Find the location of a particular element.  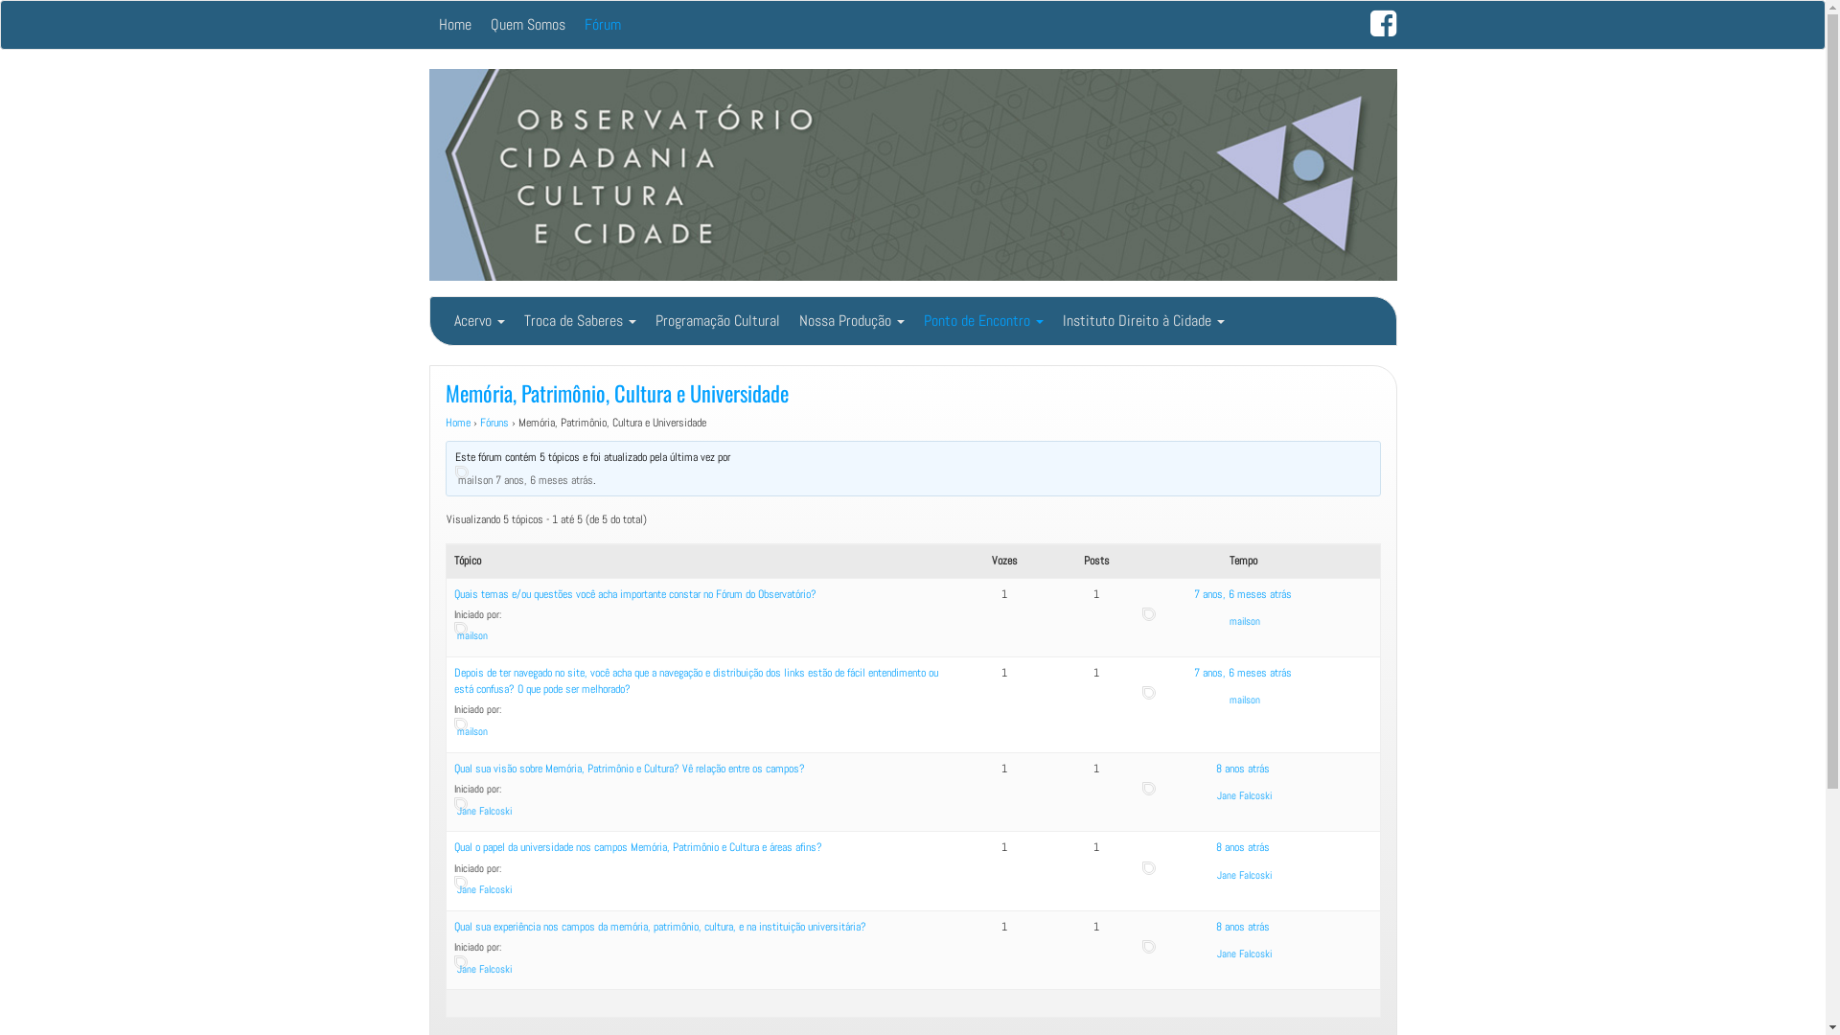

'Ponto de Encontro' is located at coordinates (983, 320).